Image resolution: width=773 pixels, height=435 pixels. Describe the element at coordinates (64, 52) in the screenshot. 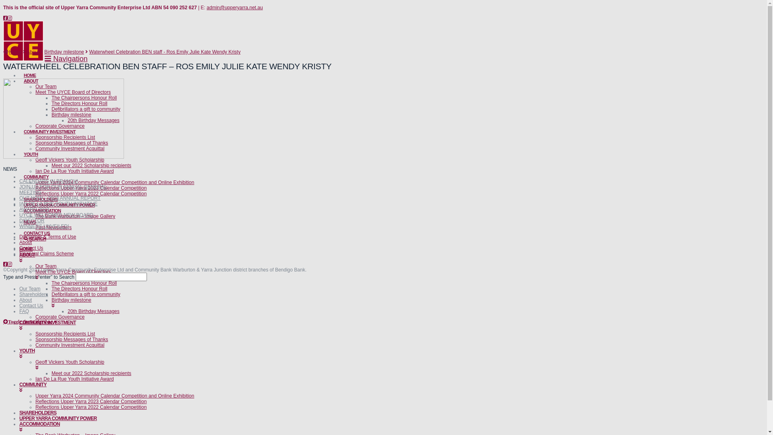

I see `'Birthday milestone'` at that location.